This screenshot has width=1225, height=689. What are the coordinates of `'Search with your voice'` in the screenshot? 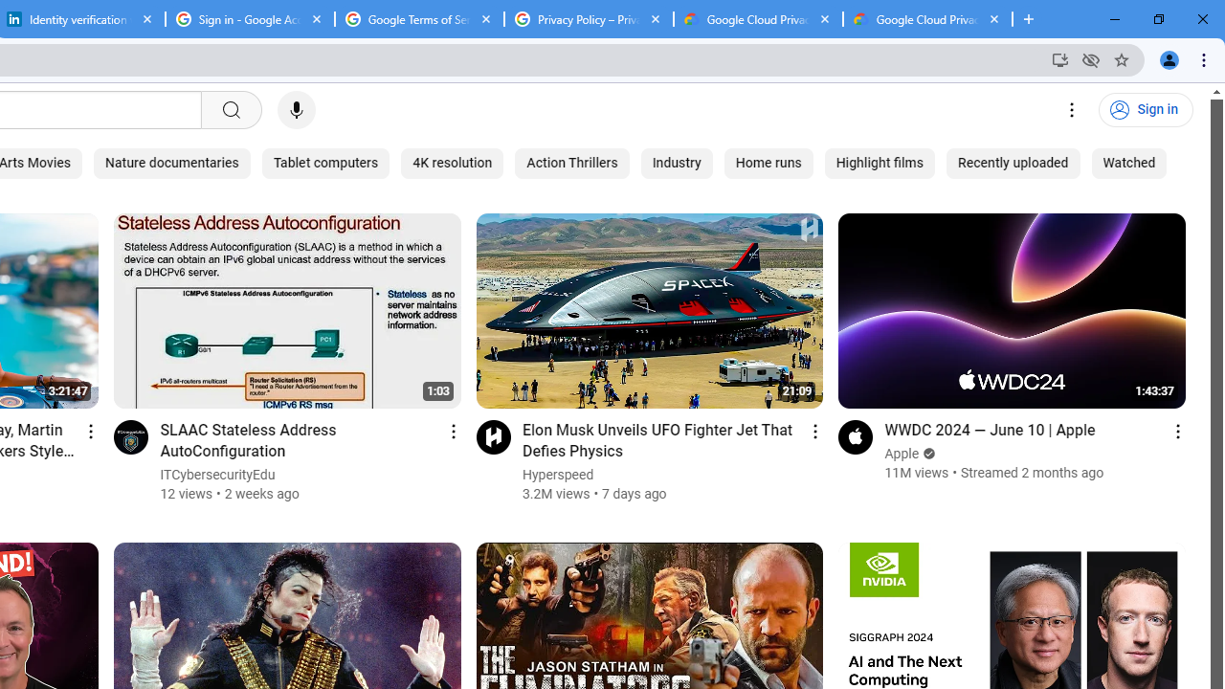 It's located at (295, 110).